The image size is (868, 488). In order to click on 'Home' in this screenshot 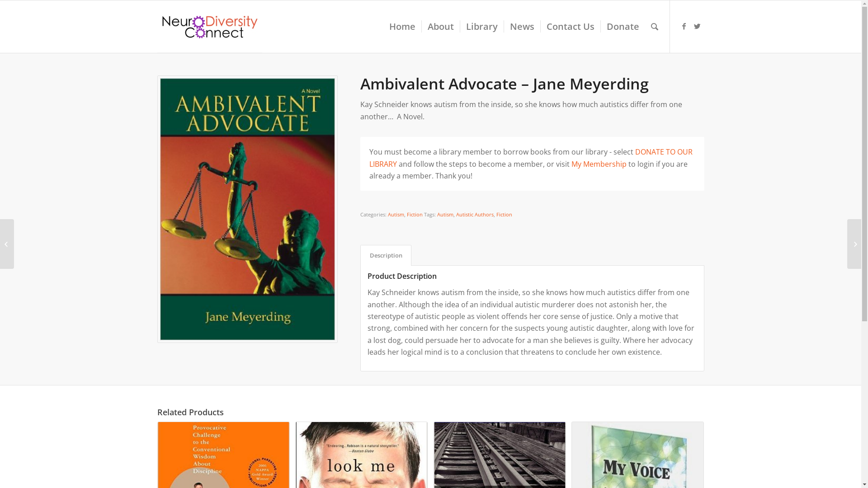, I will do `click(401, 26)`.